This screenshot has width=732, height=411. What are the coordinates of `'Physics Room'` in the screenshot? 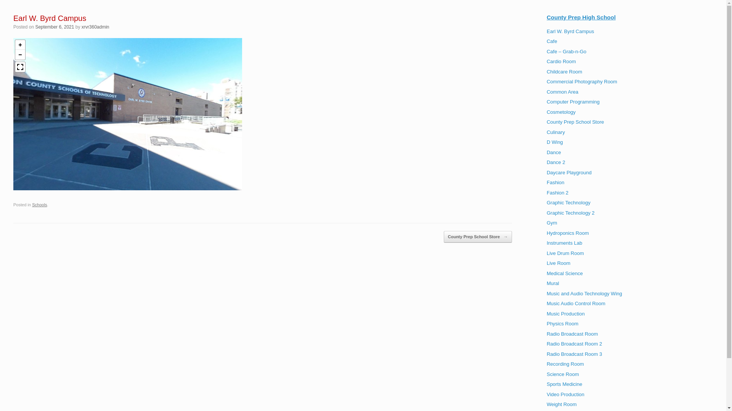 It's located at (562, 323).